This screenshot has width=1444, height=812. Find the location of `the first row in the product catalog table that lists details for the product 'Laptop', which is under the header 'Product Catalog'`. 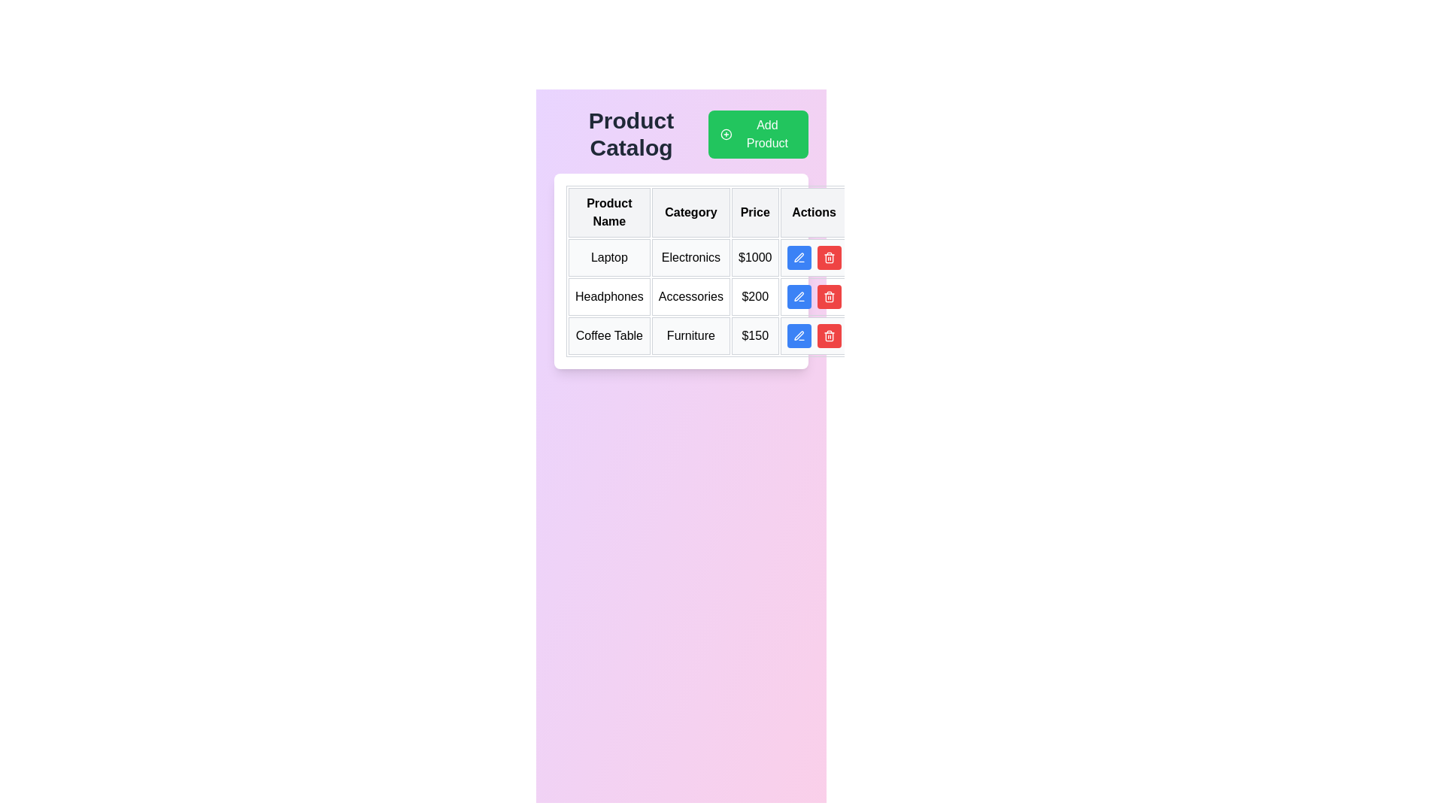

the first row in the product catalog table that lists details for the product 'Laptop', which is under the header 'Product Catalog' is located at coordinates (707, 257).